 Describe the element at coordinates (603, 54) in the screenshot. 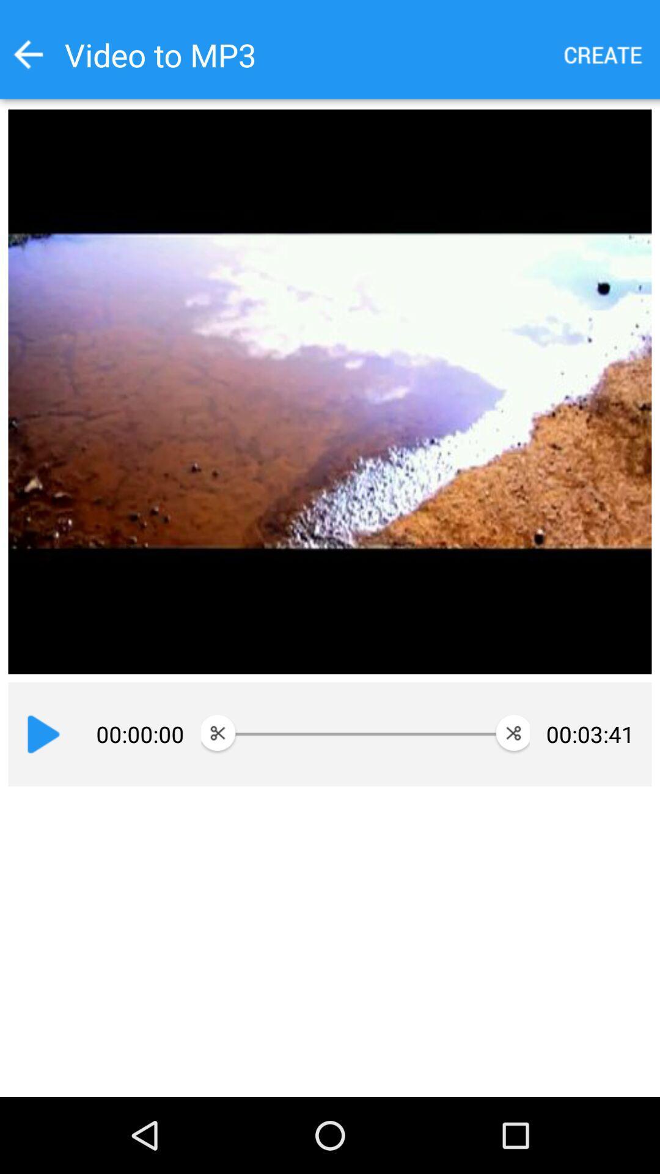

I see `mp3 file` at that location.